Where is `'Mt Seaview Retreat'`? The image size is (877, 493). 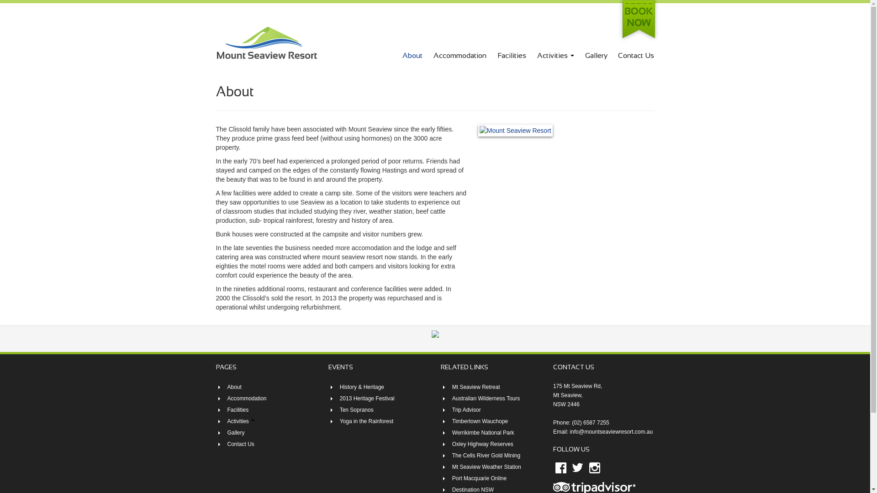 'Mt Seaview Retreat' is located at coordinates (475, 387).